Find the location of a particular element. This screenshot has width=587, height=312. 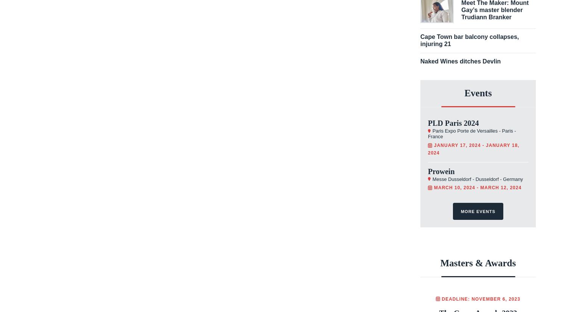

'Masters & Awards' is located at coordinates (478, 263).